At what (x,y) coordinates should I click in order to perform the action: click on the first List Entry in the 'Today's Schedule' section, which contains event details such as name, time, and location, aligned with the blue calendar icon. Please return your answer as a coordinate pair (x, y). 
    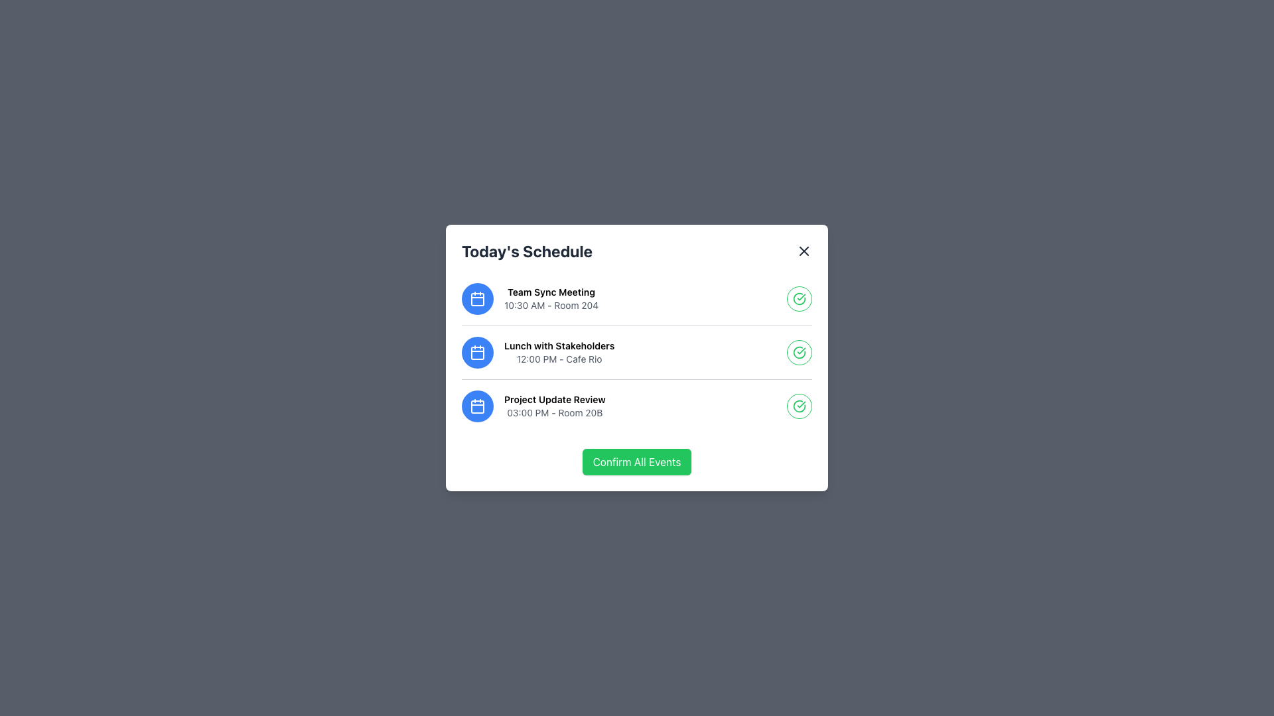
    Looking at the image, I should click on (530, 299).